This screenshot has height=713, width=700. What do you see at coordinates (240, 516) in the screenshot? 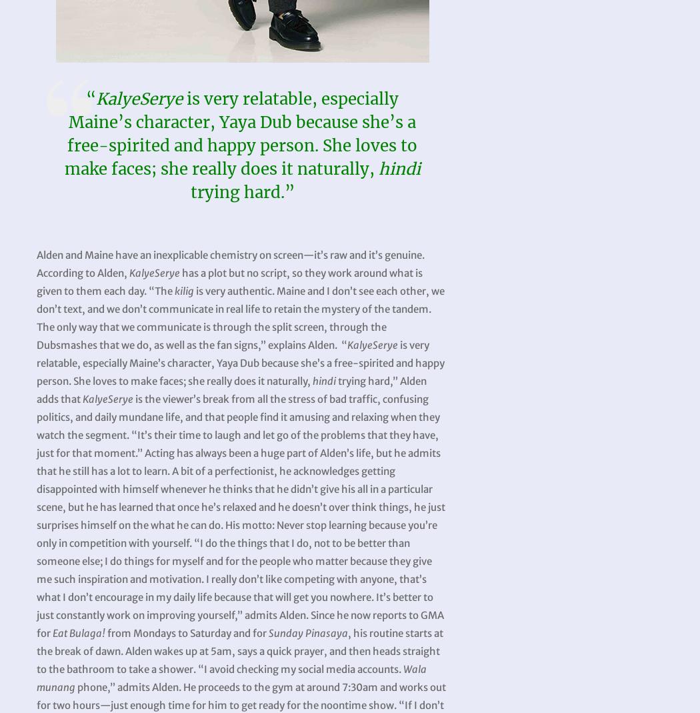
I see `'is the viewer’s break from all the stress of bad traffic, confusing politics, and daily mundane life, and that people find it amusing and relaxing when they watch the segment. “It’s their time to laugh and let go of the problems that they have, just for that moment.” Acting has always been a huge part of Alden’s life, but he admits that he still has a lot to learn. A bit of a perfectionist, he acknowledges getting disappointed with himself whenever he thinks that he didn’t give his all in a particular scene, but he has learned that once he’s relaxed and he doesn’t over think things, he just surprises himself on the what he can do. His motto: Never stop learning because you’re only in competition with yourself. “I do the things that I do, not to be better than someone else; I do things for myself and for the people who matter because they give me such inspiration and motivation. I really don’t like competing with anyone, that’s what I don’t encourage in my daily life because that will get you nowhere. It’s better to just constantly work on improving yourself,” admits Alden. Since he now reports to GMA for'` at bounding box center [240, 516].